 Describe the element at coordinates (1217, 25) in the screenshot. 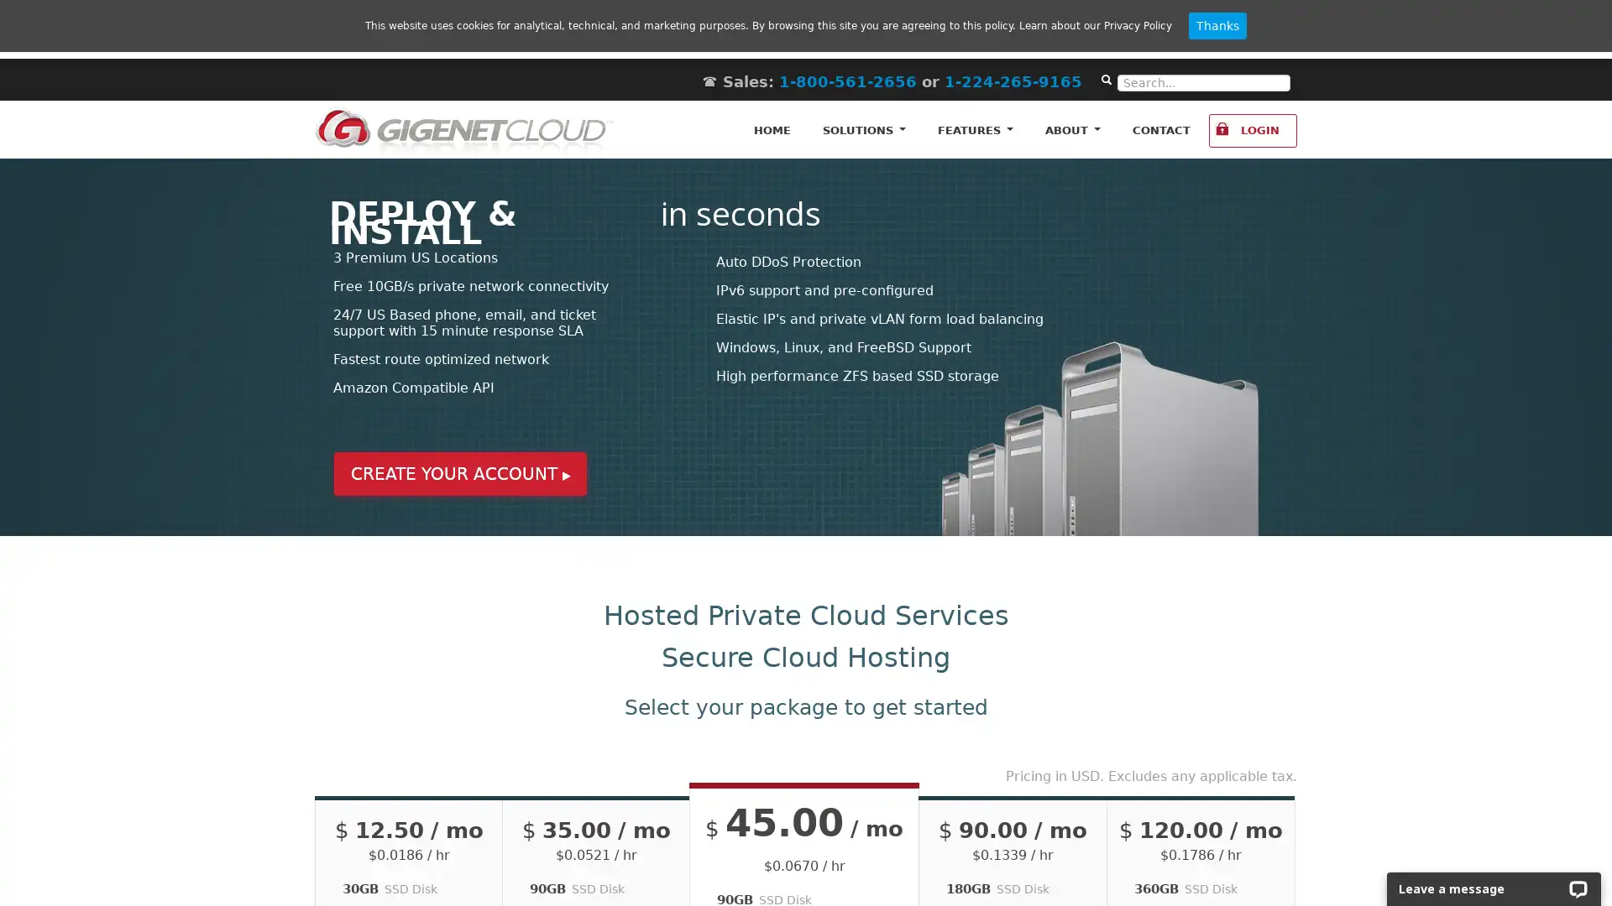

I see `Thanks` at that location.